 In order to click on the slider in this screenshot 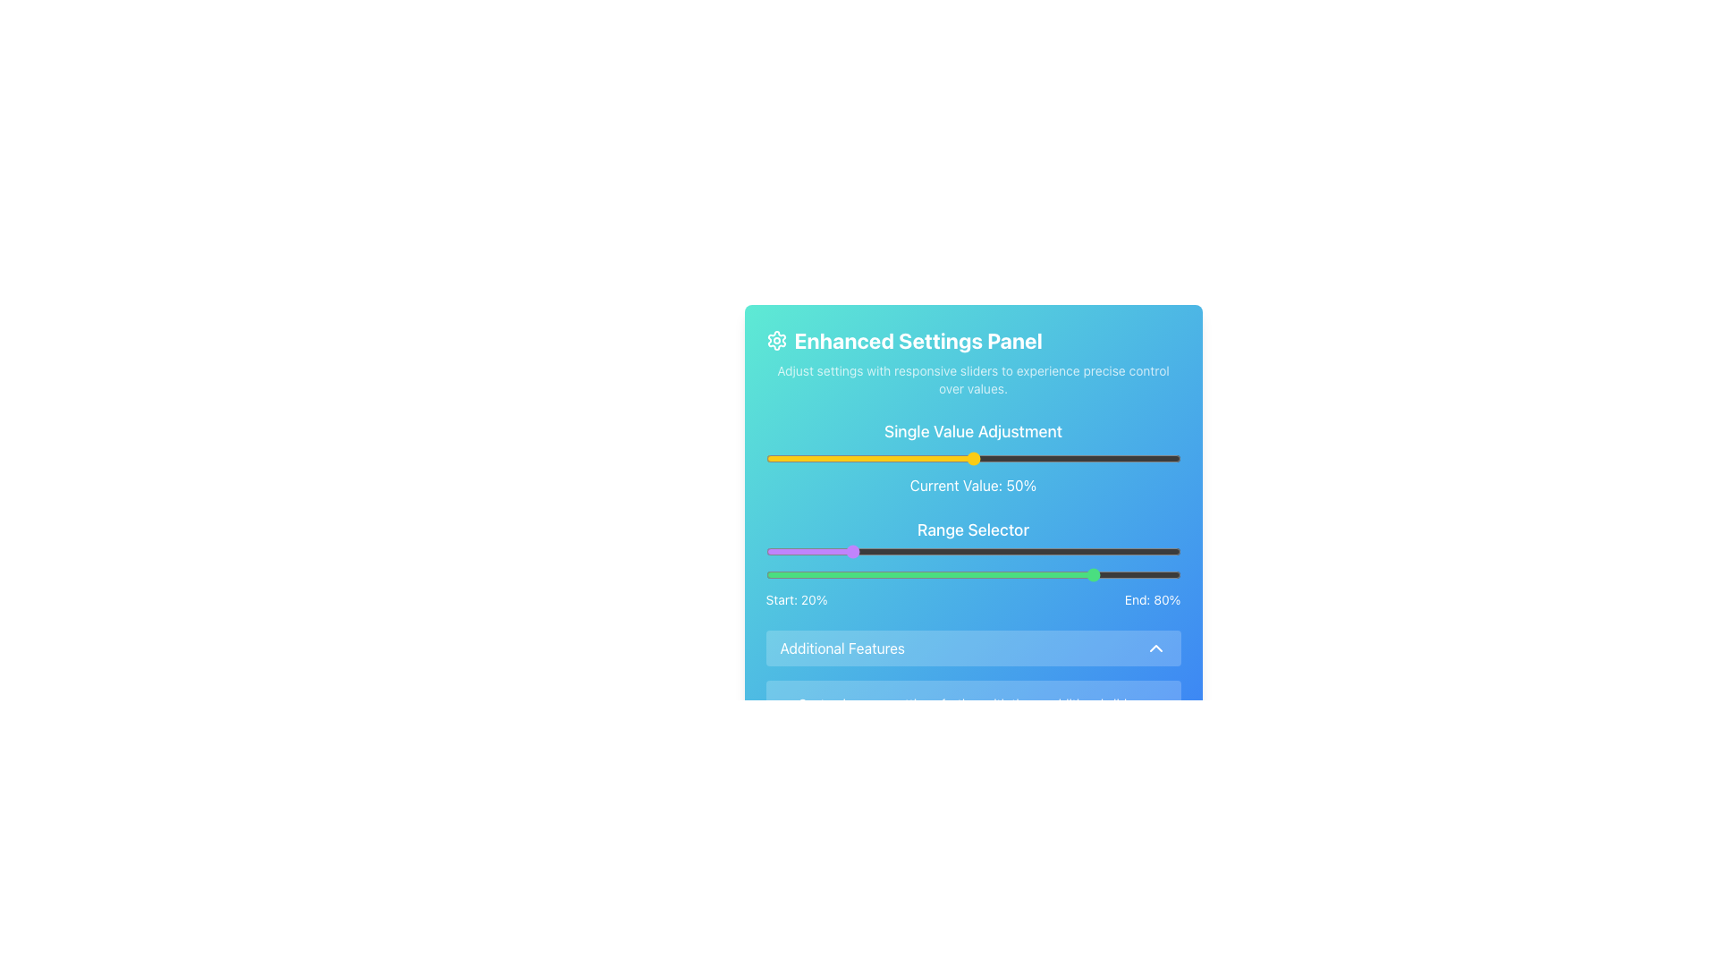, I will do `click(1006, 575)`.